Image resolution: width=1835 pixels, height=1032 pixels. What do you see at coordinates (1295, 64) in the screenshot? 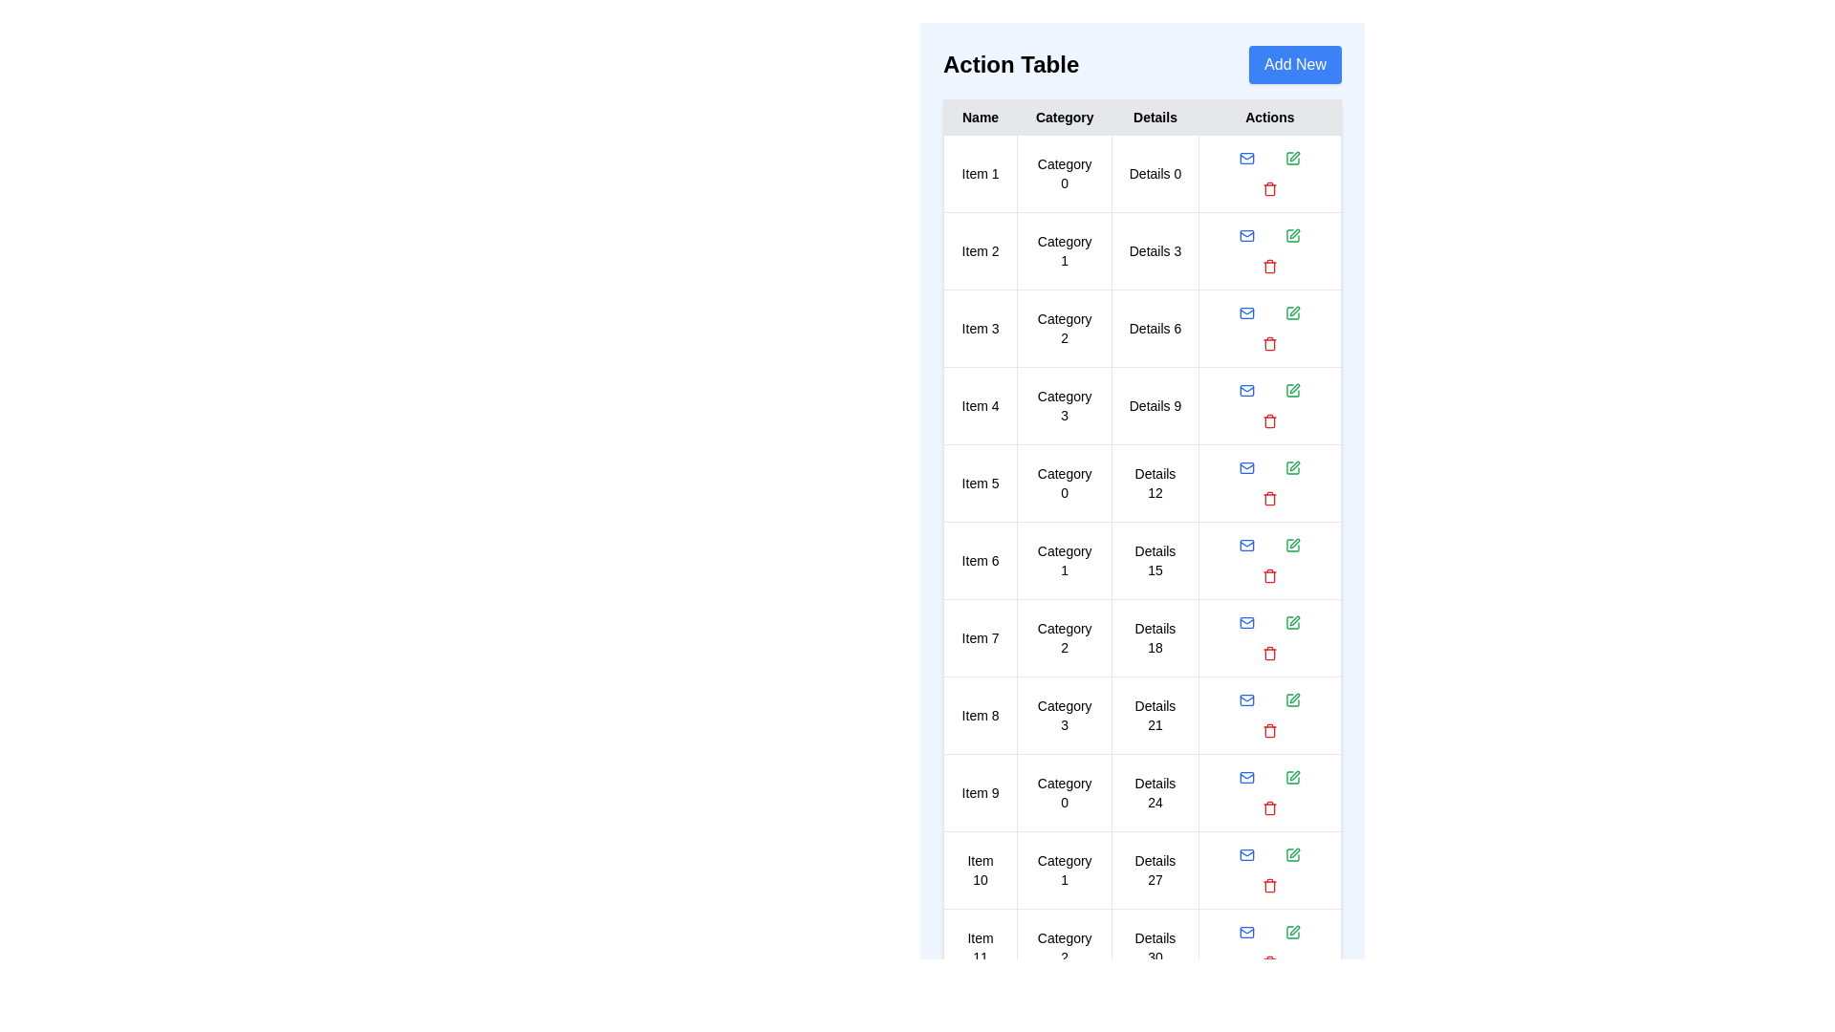
I see `'Add New' button to add a new entry` at bounding box center [1295, 64].